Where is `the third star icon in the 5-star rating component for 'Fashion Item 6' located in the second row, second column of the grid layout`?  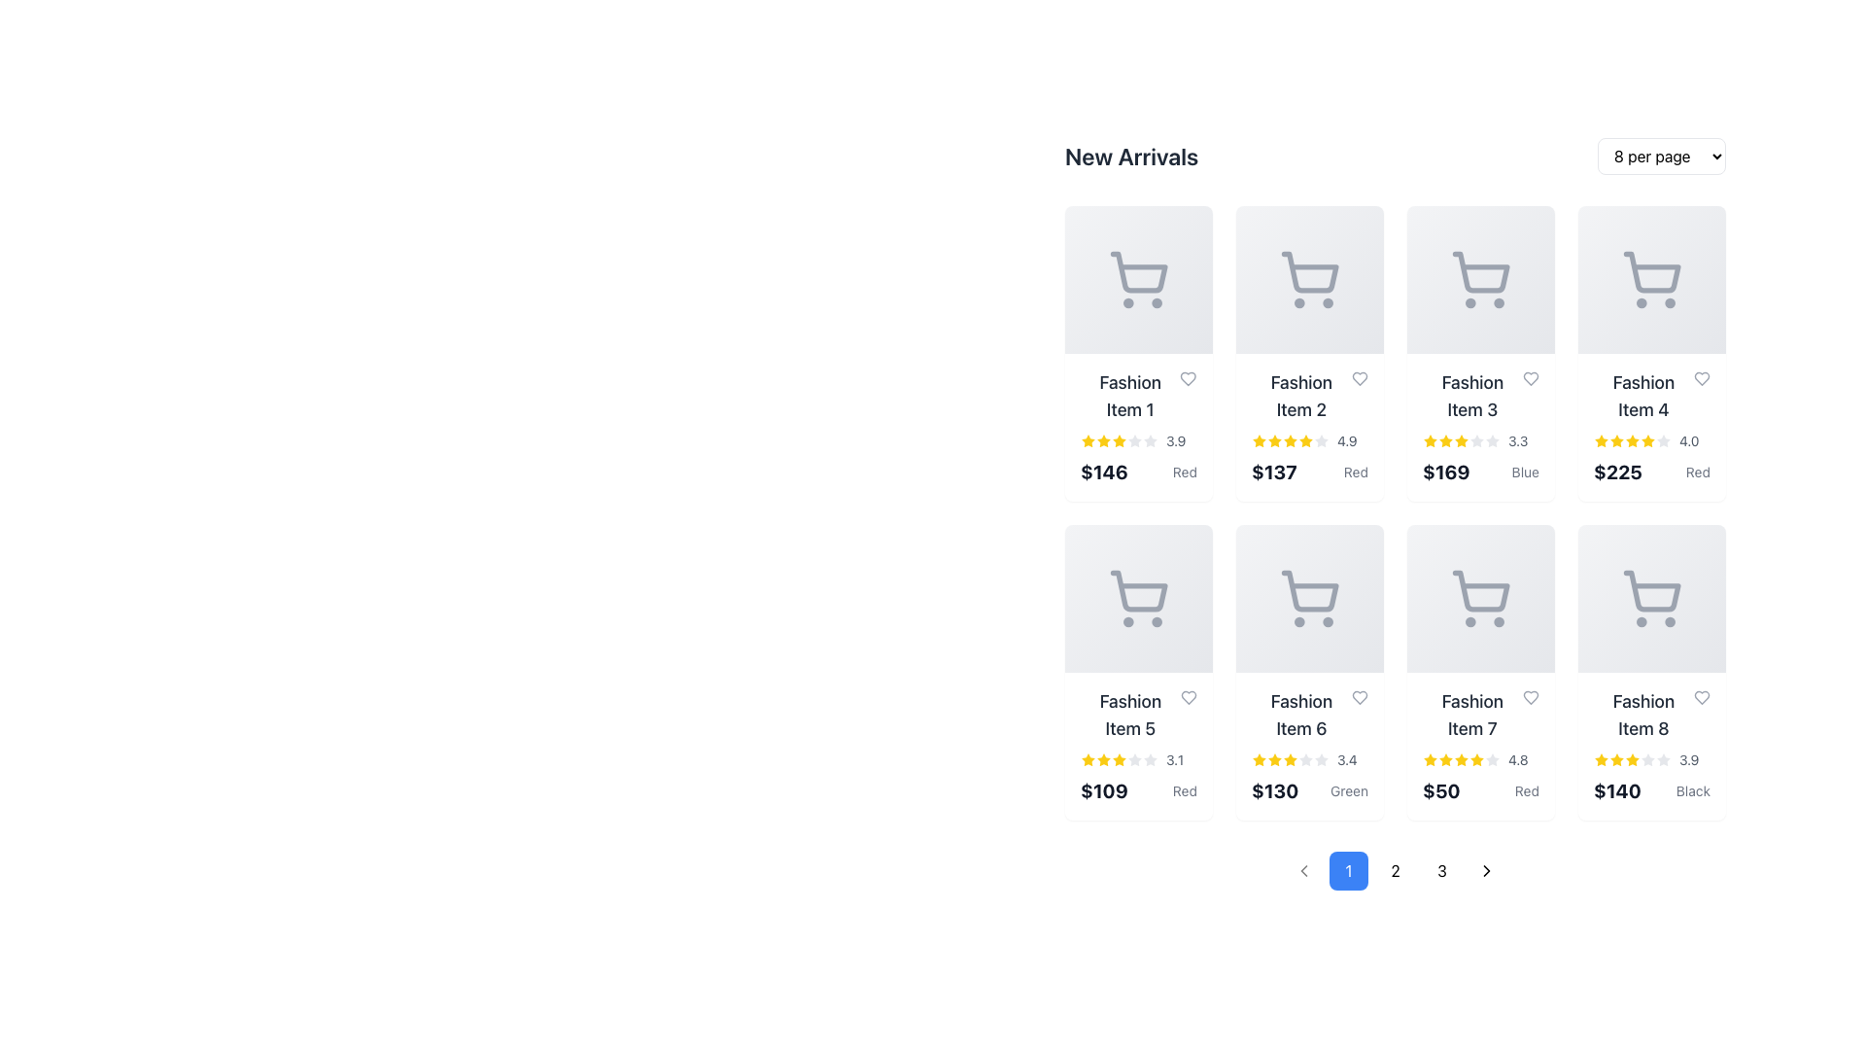 the third star icon in the 5-star rating component for 'Fashion Item 6' located in the second row, second column of the grid layout is located at coordinates (1274, 759).